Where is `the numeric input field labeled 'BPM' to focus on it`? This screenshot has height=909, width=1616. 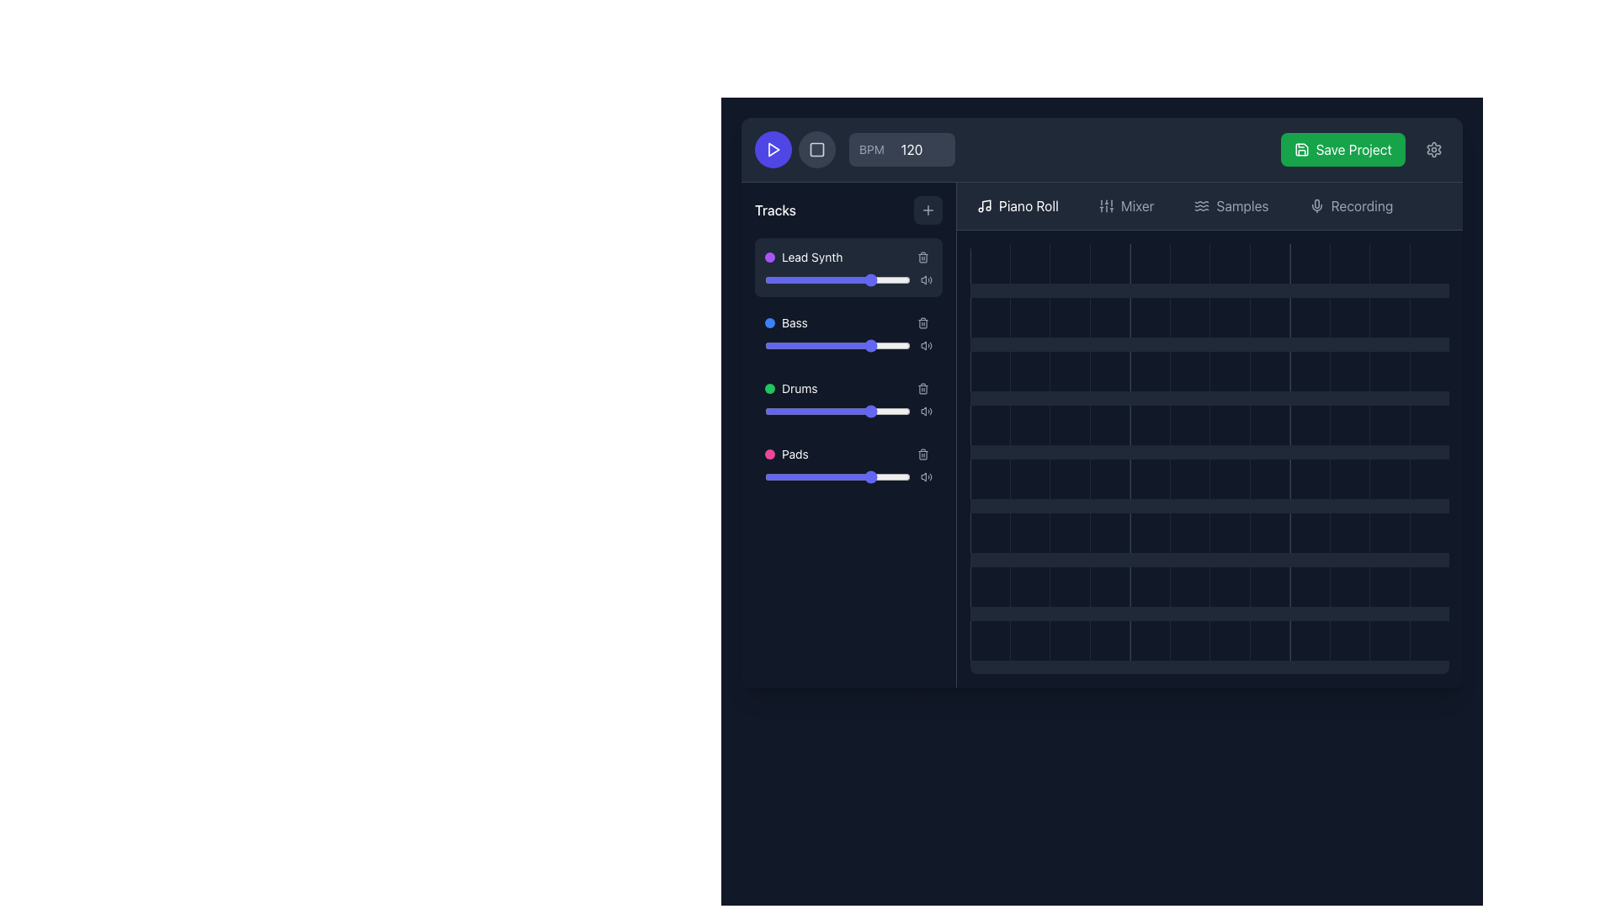
the numeric input field labeled 'BPM' to focus on it is located at coordinates (901, 148).